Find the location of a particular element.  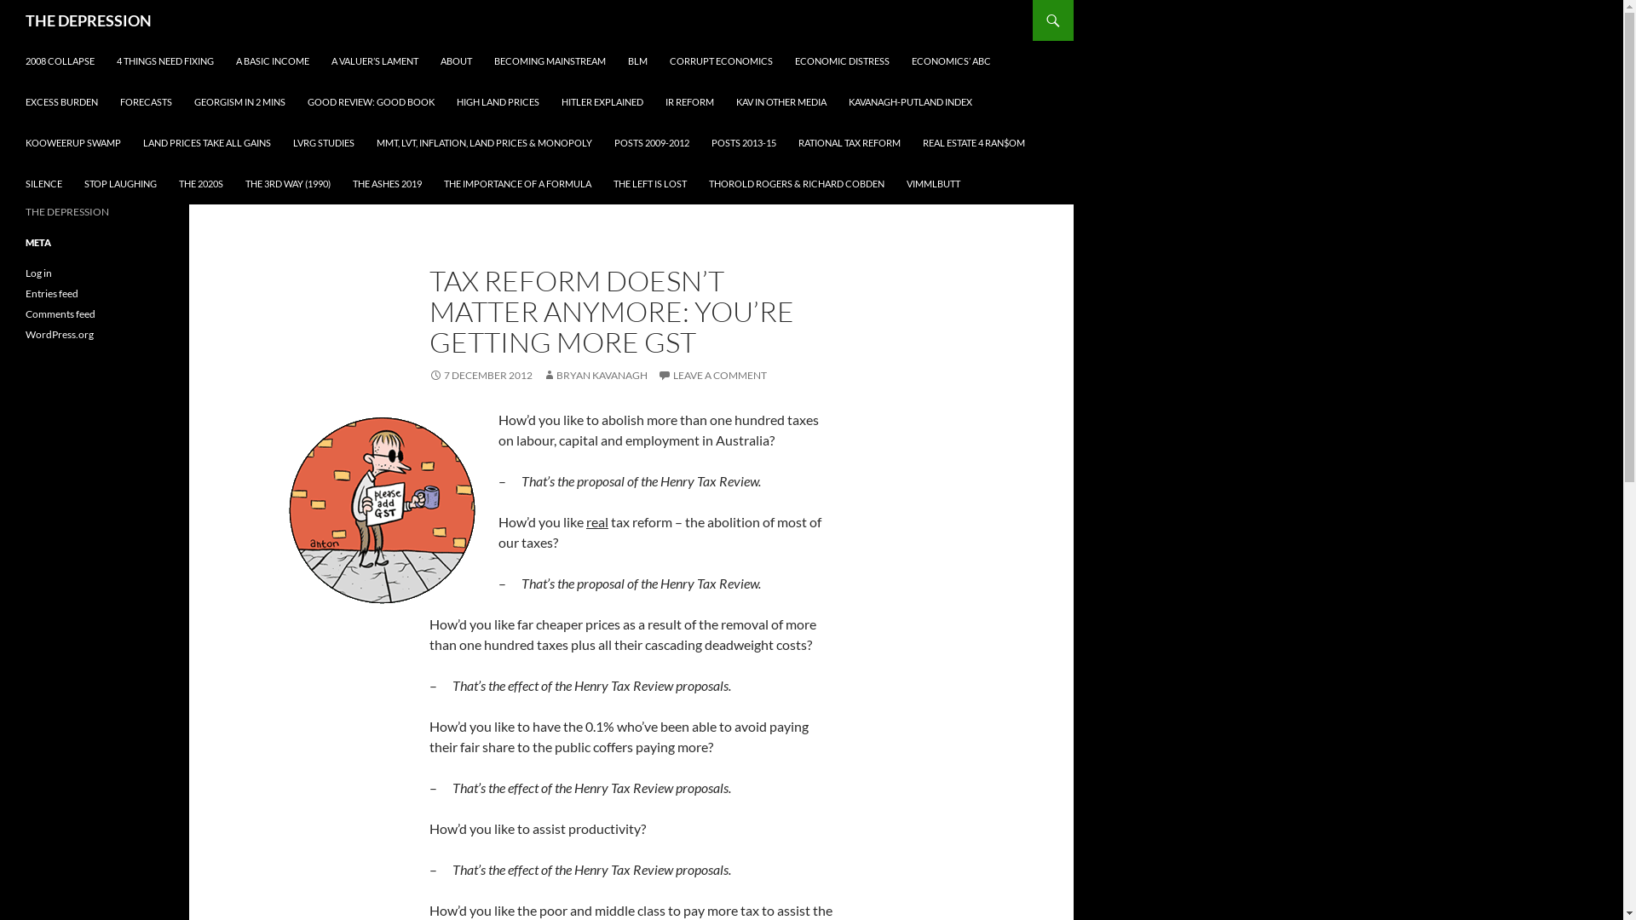

'LVRG STUDIES' is located at coordinates (323, 142).